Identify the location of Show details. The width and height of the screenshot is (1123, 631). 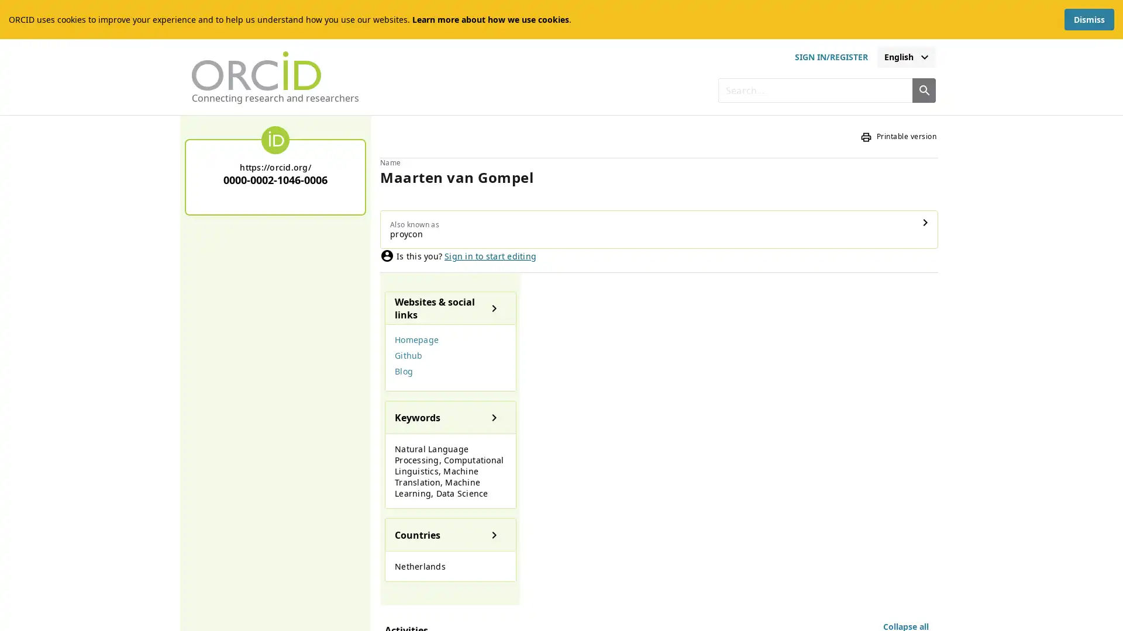
(345, 465).